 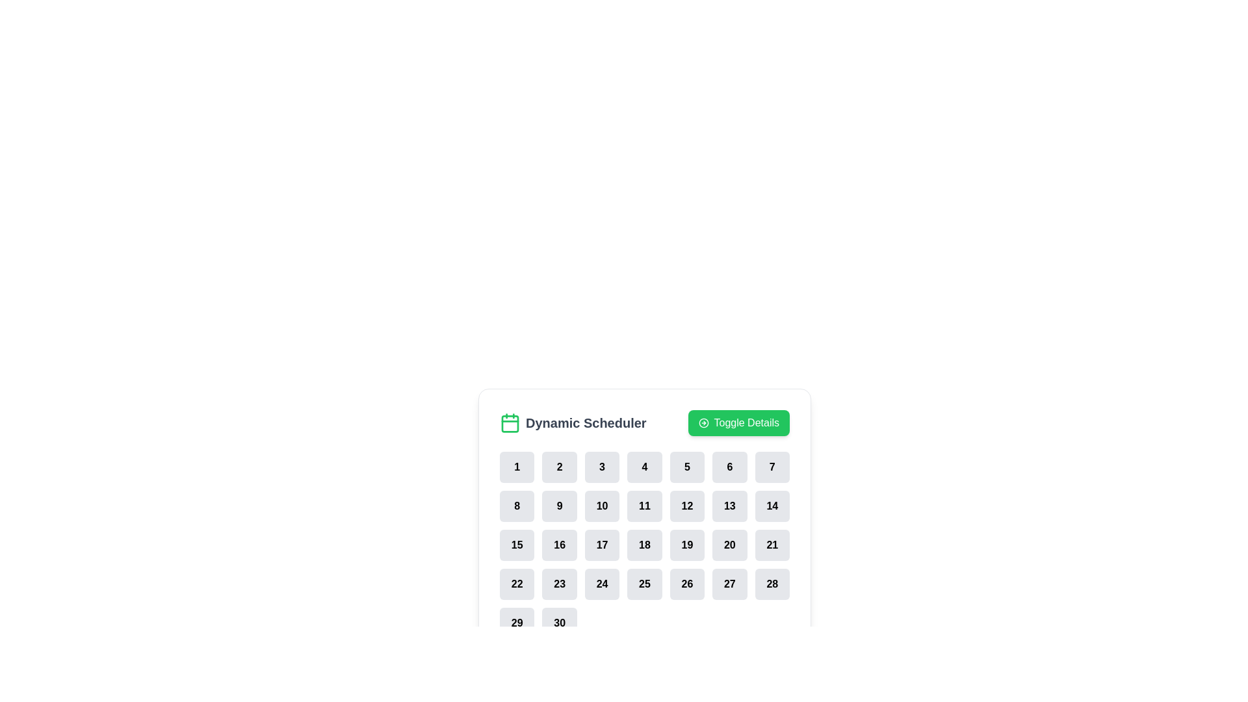 What do you see at coordinates (560, 583) in the screenshot?
I see `the rounded rectangular button with a light gray background and bold black text '23' to change its background color to green` at bounding box center [560, 583].